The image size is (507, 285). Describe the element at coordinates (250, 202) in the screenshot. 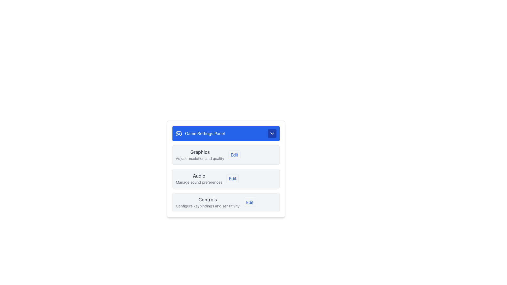

I see `the edit button located in the Controls section of the Game Settings Panel to invoke the edit functionality` at that location.